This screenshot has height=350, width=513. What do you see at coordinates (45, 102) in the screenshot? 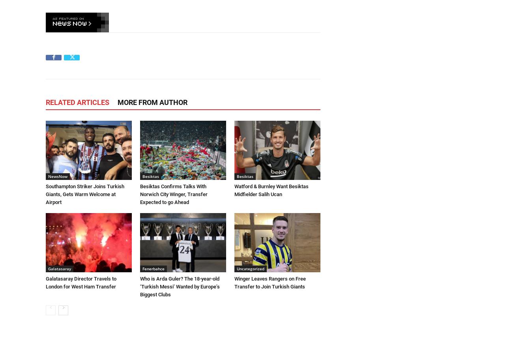
I see `'RELATED ARTICLES'` at bounding box center [45, 102].